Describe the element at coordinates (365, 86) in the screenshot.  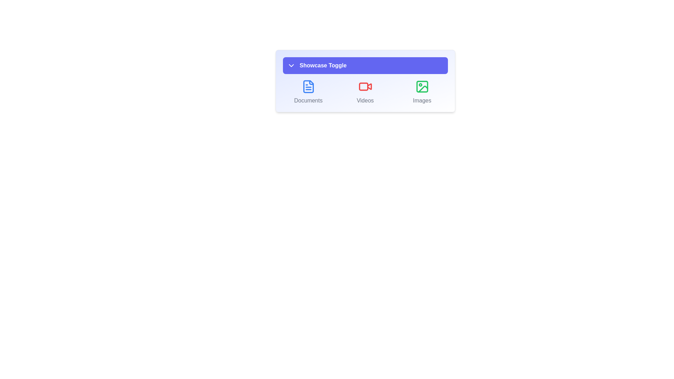
I see `the red video camera icon located under the 'Showcase Toggle' header, which is the second icon in a row of three, between a blue document icon and a green image icon` at that location.